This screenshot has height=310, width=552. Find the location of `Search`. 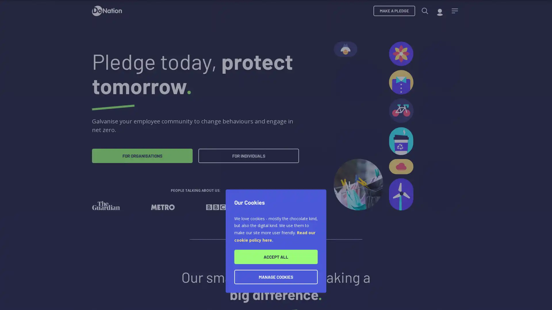

Search is located at coordinates (425, 11).